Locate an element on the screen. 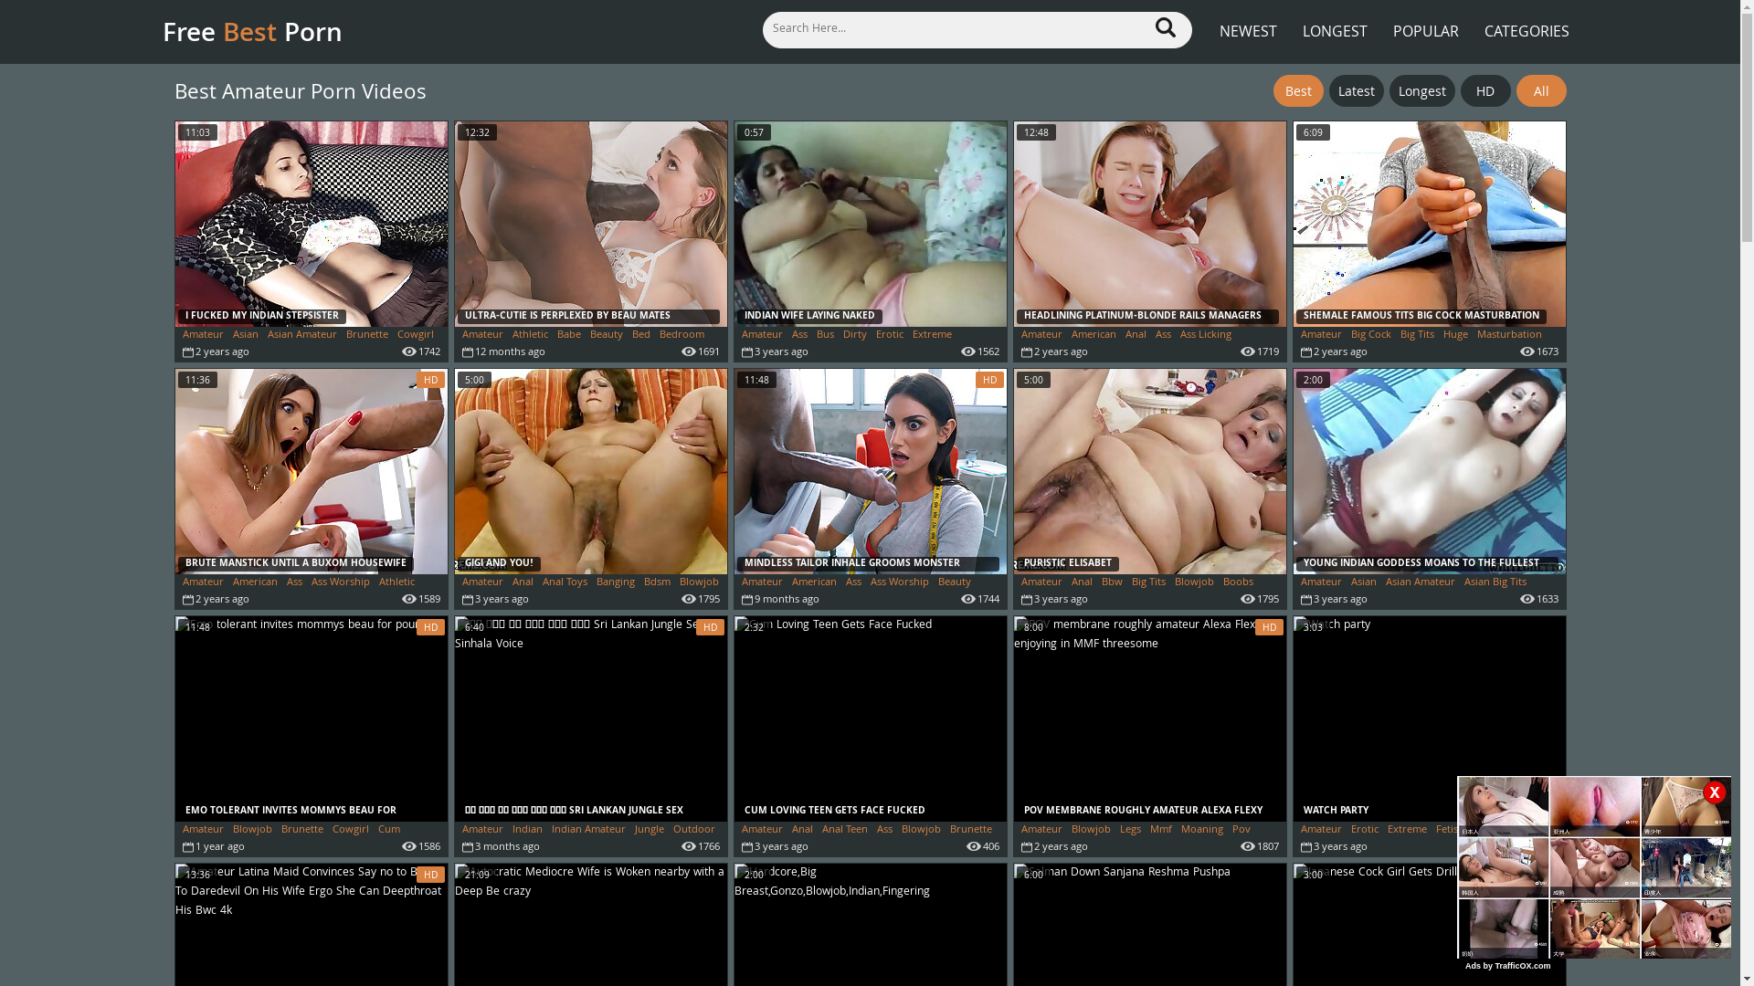 The height and width of the screenshot is (986, 1754). 'SHEMALE FAMOUS TITS BIG COCK MASTURBATION' is located at coordinates (1428, 223).